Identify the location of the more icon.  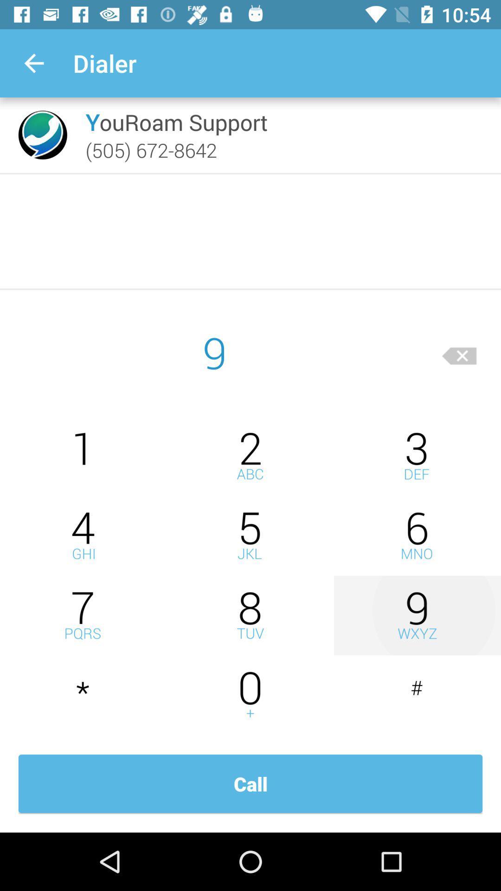
(250, 615).